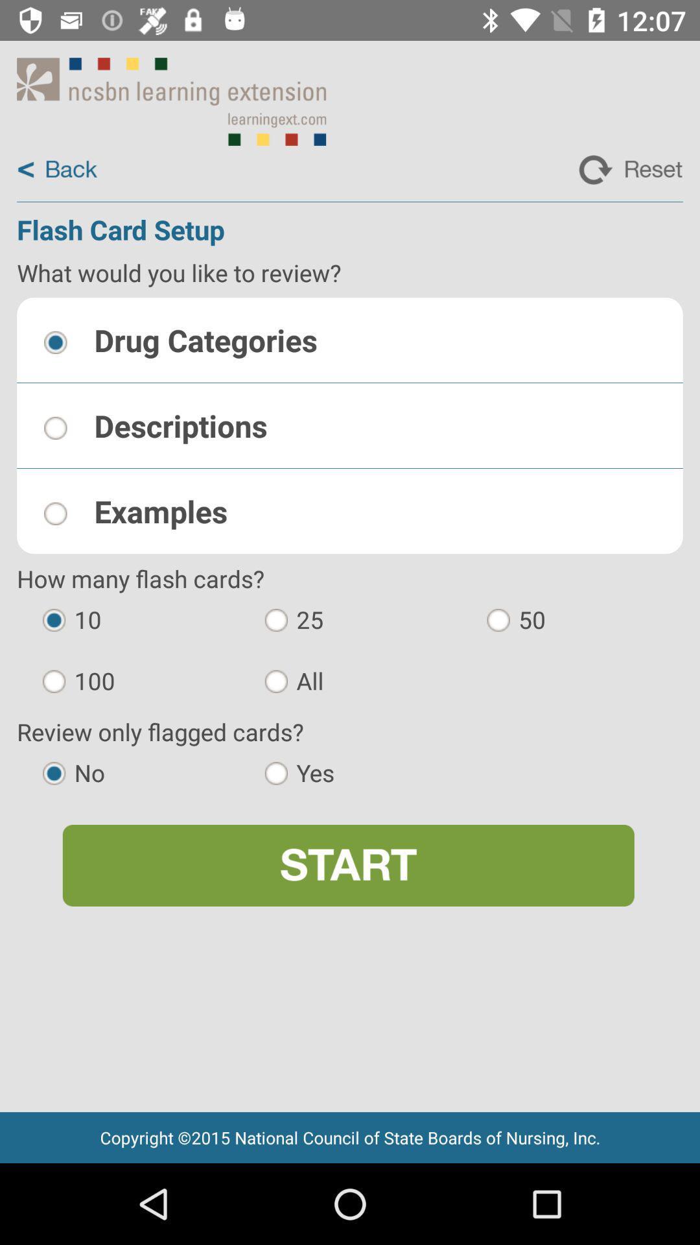 Image resolution: width=700 pixels, height=1245 pixels. I want to click on reset flash card setup, so click(630, 169).